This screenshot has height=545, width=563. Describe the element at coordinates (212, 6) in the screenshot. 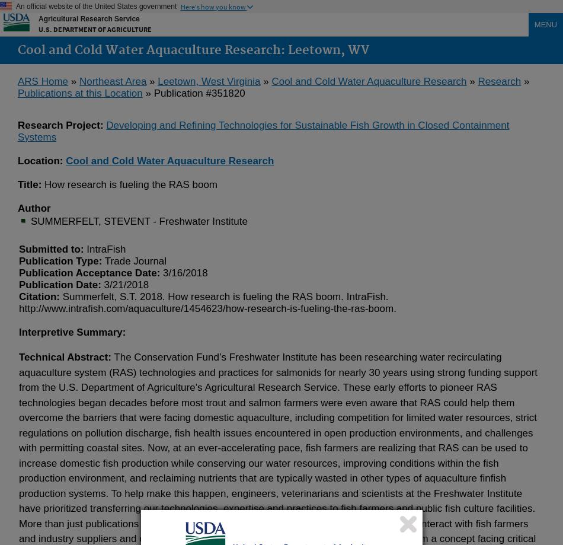

I see `'Here's how you know'` at that location.